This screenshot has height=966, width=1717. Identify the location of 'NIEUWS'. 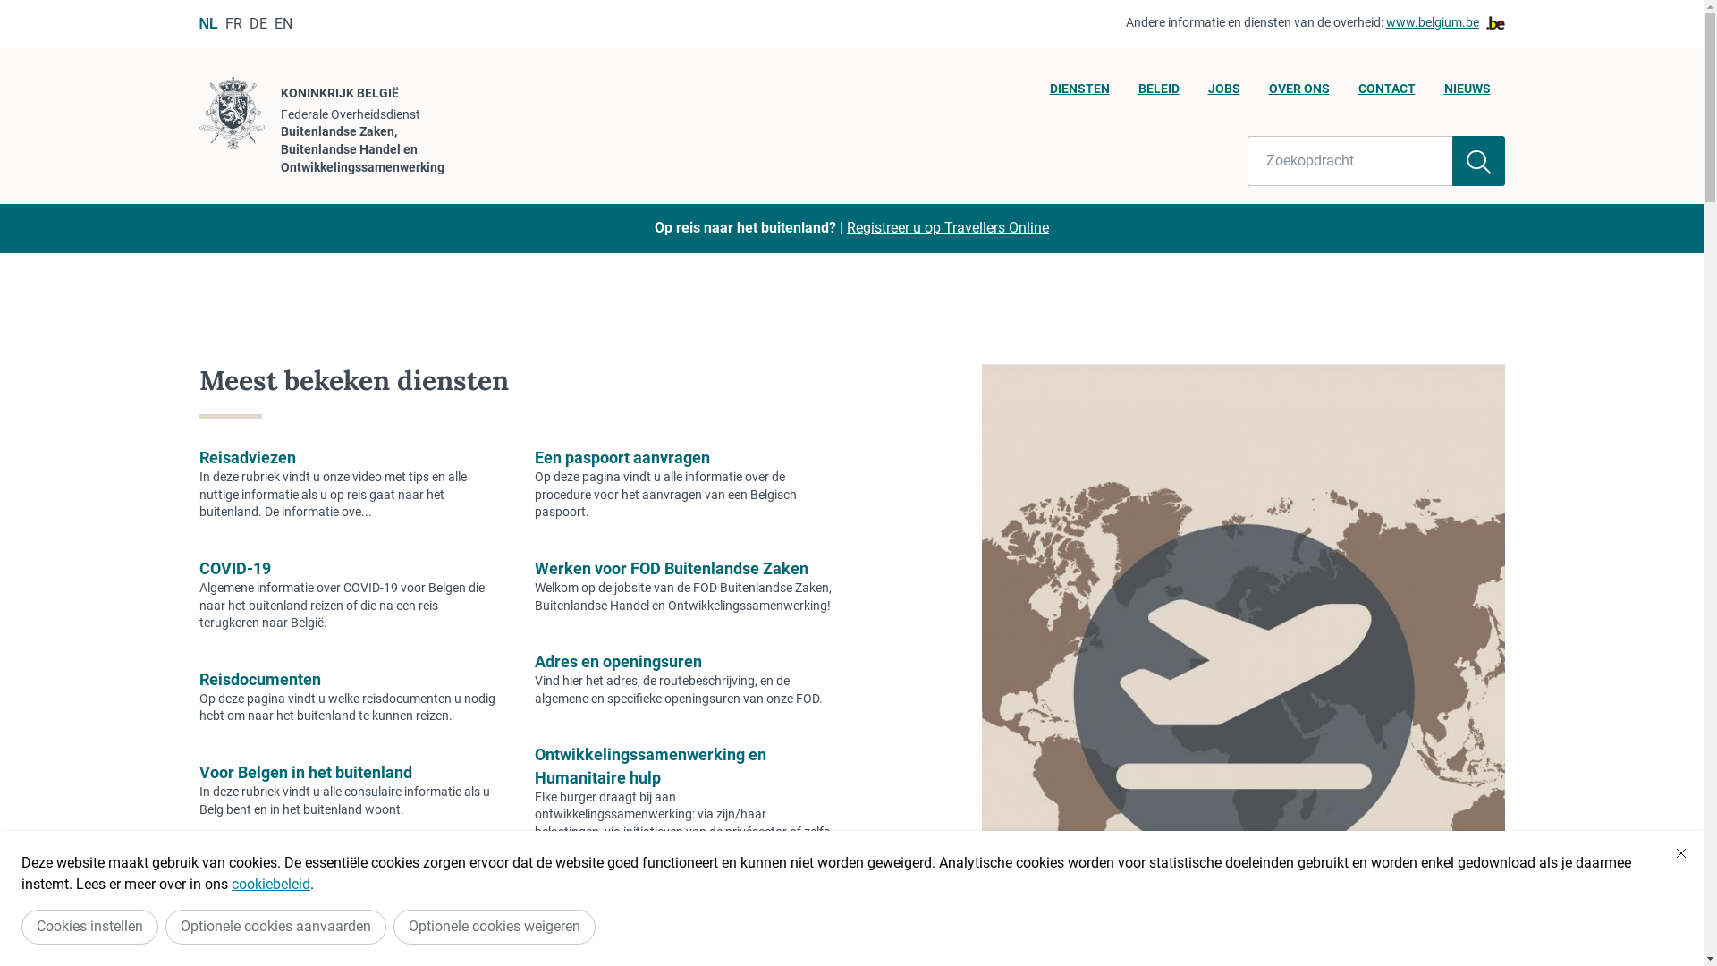
(1467, 93).